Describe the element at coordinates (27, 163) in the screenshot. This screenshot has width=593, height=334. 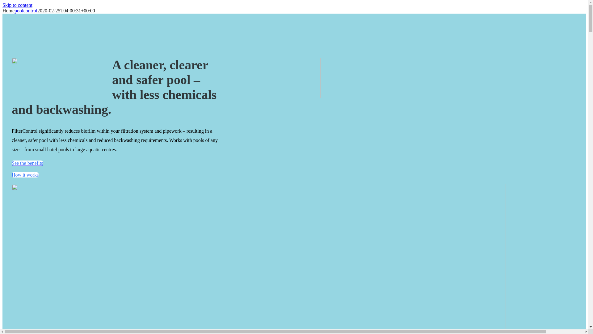
I see `'See the benefits'` at that location.